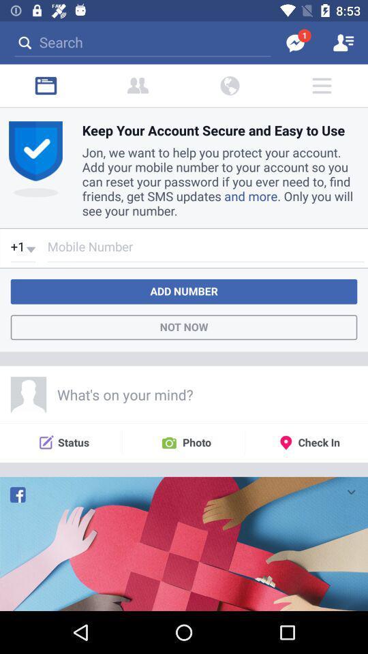 This screenshot has width=368, height=654. What do you see at coordinates (219, 178) in the screenshot?
I see `the content below keep your account secure and easy to use` at bounding box center [219, 178].